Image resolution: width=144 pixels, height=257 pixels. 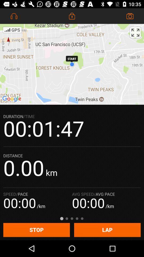 I want to click on the shop icon, so click(x=130, y=16).